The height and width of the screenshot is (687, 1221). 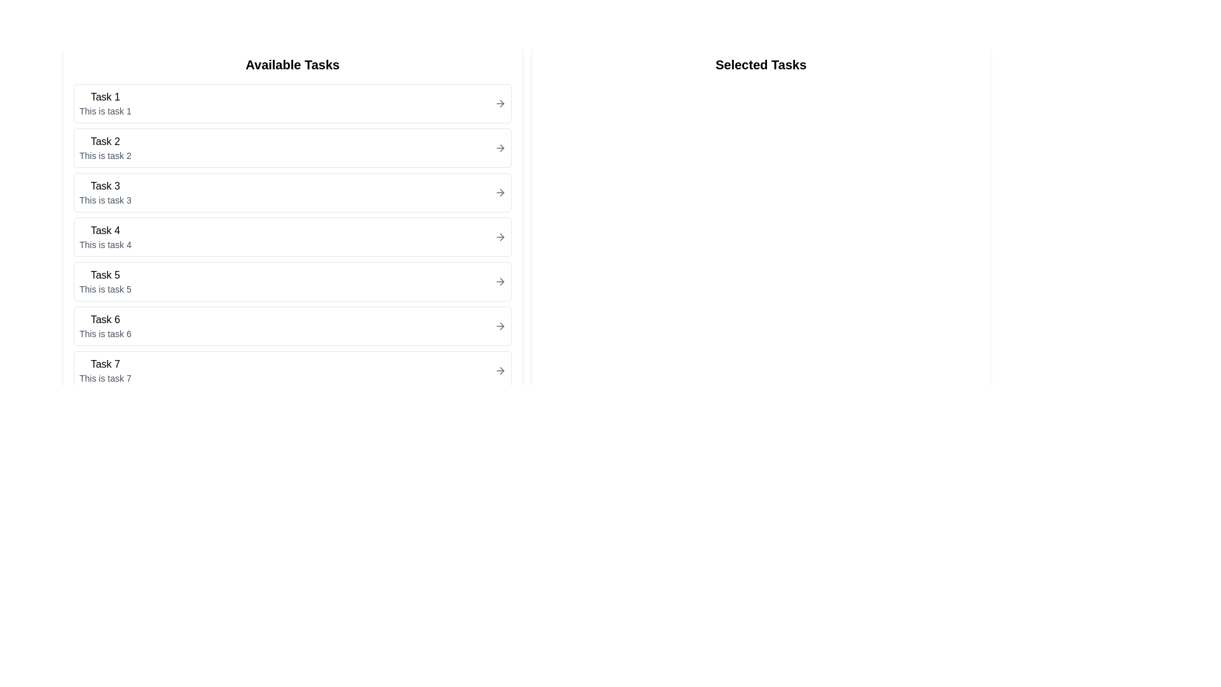 What do you see at coordinates (499, 326) in the screenshot?
I see `the right-facing arrow button styled in gray, located at the far-right of the row labeled 'Task 6 This is task 6'` at bounding box center [499, 326].